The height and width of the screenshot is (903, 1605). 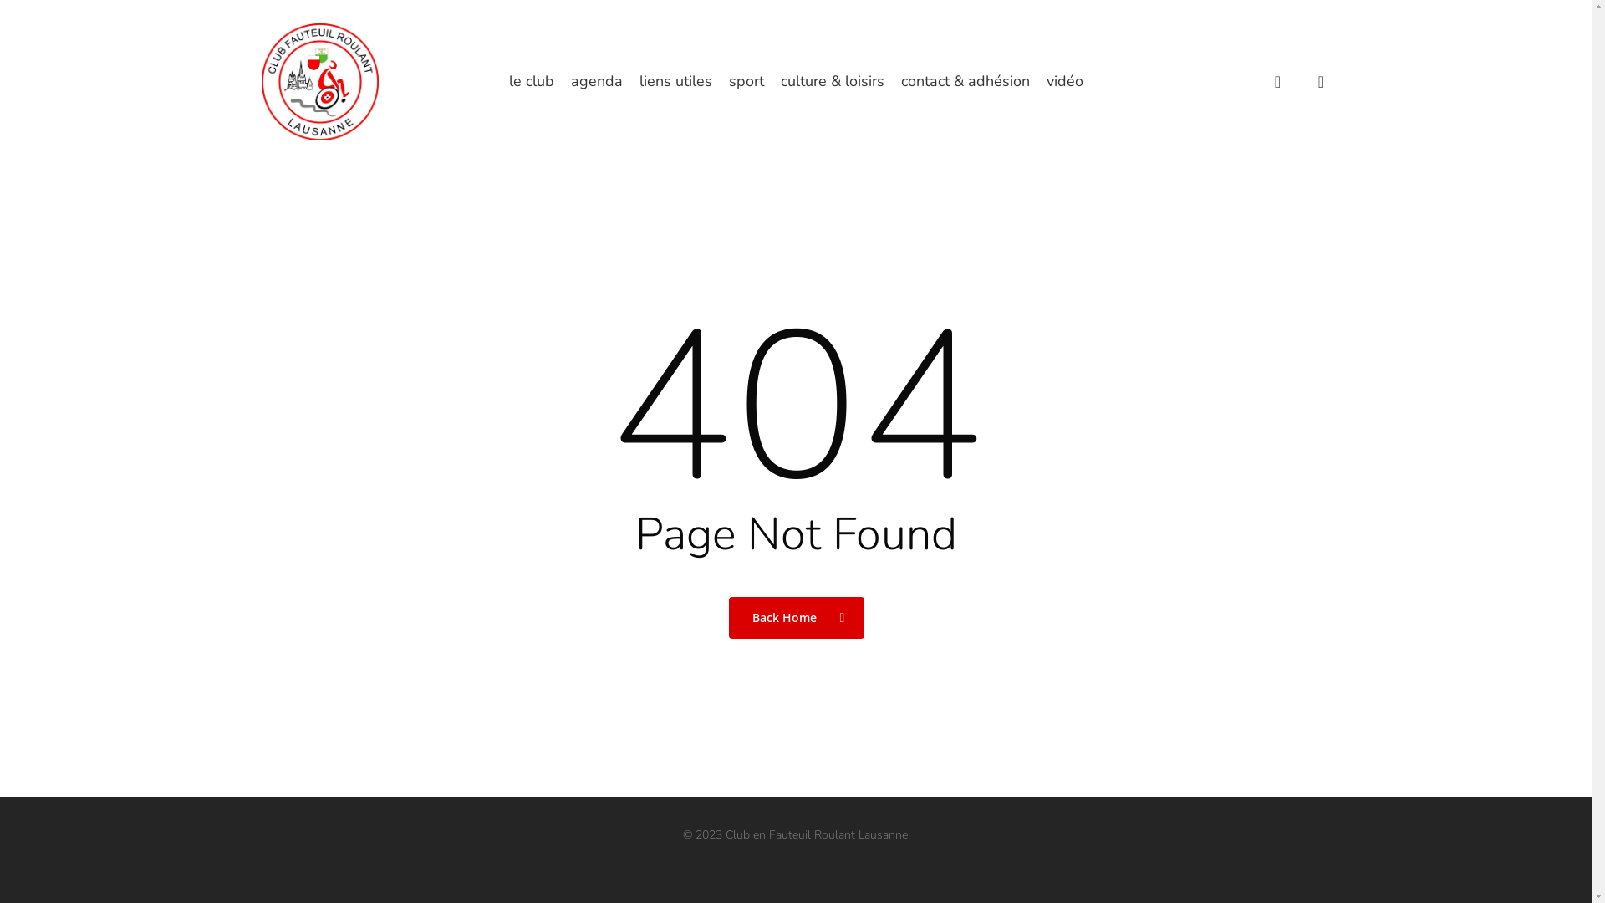 I want to click on 'sport', so click(x=745, y=81).